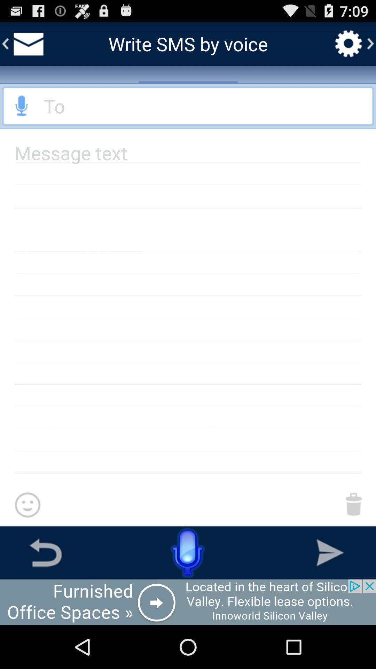 The height and width of the screenshot is (669, 376). What do you see at coordinates (46, 552) in the screenshot?
I see `previous page` at bounding box center [46, 552].